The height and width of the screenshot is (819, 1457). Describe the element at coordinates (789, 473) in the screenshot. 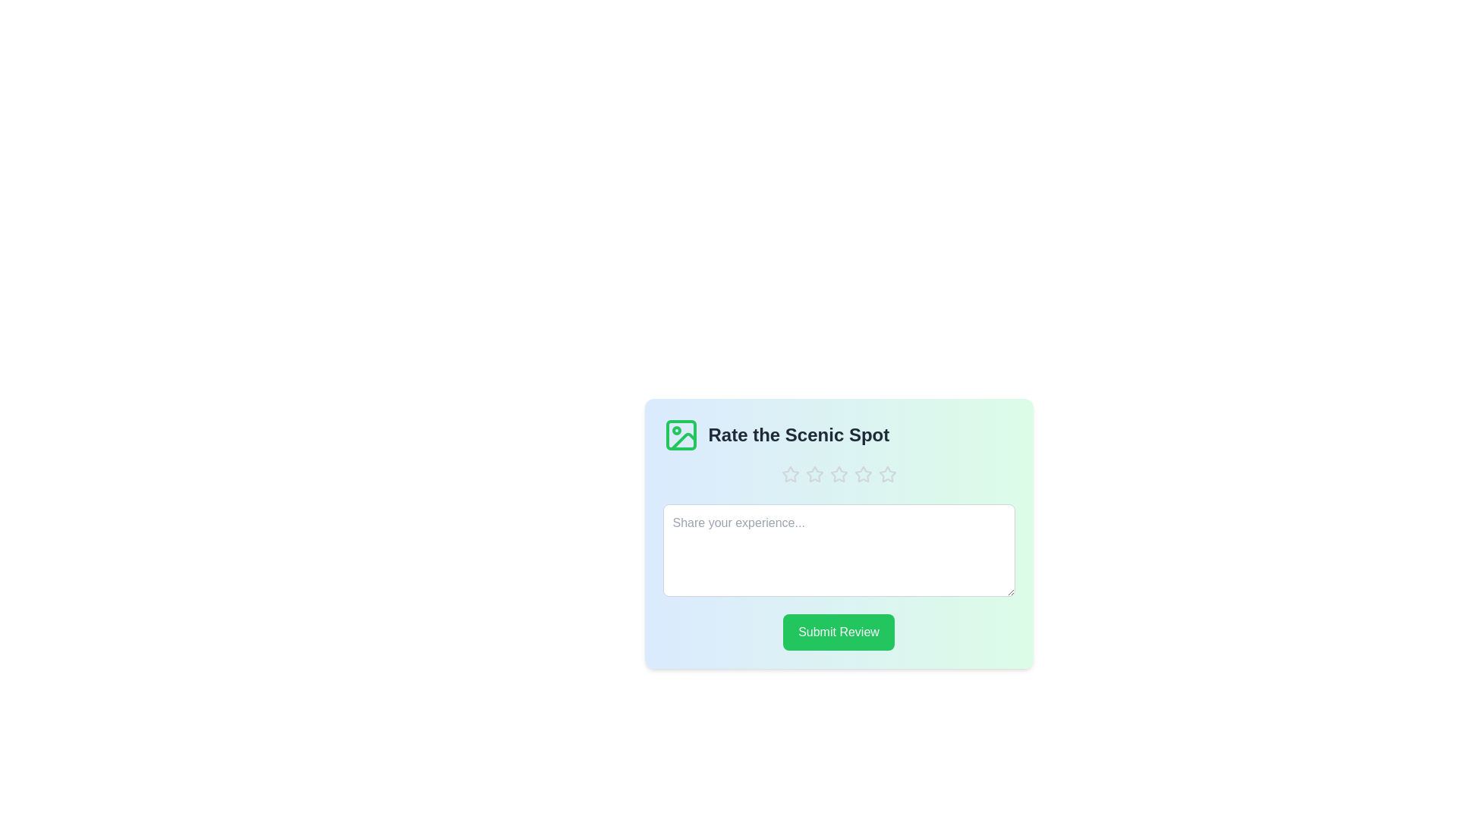

I see `the rating to 1 stars by clicking on the corresponding star icon` at that location.